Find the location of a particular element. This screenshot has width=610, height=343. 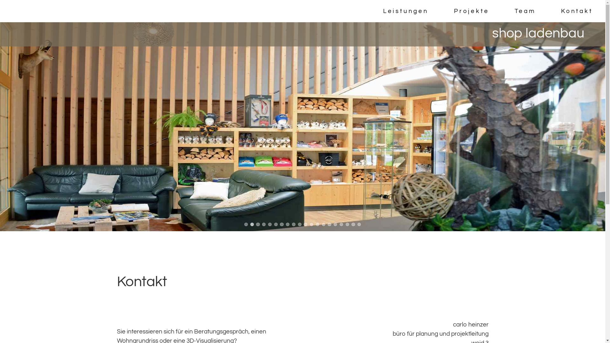

'Projekte' is located at coordinates (471, 11).